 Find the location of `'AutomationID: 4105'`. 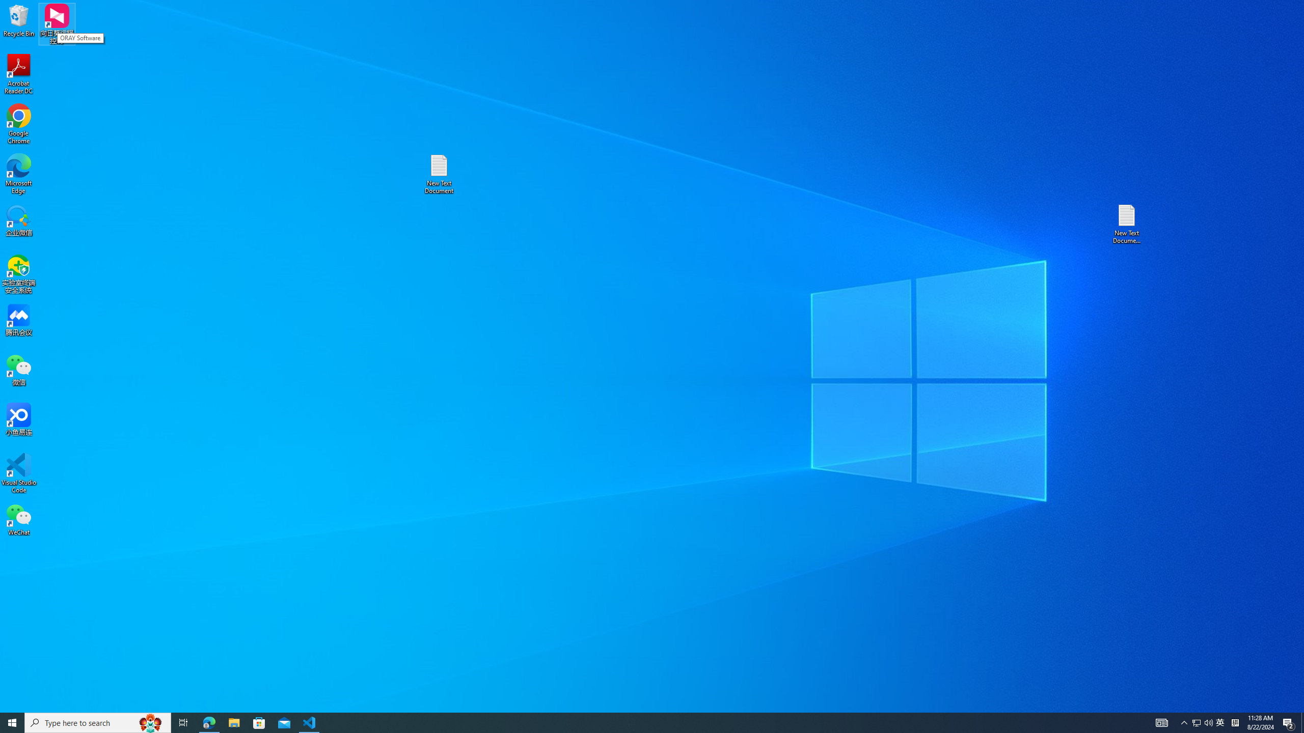

'AutomationID: 4105' is located at coordinates (1161, 722).